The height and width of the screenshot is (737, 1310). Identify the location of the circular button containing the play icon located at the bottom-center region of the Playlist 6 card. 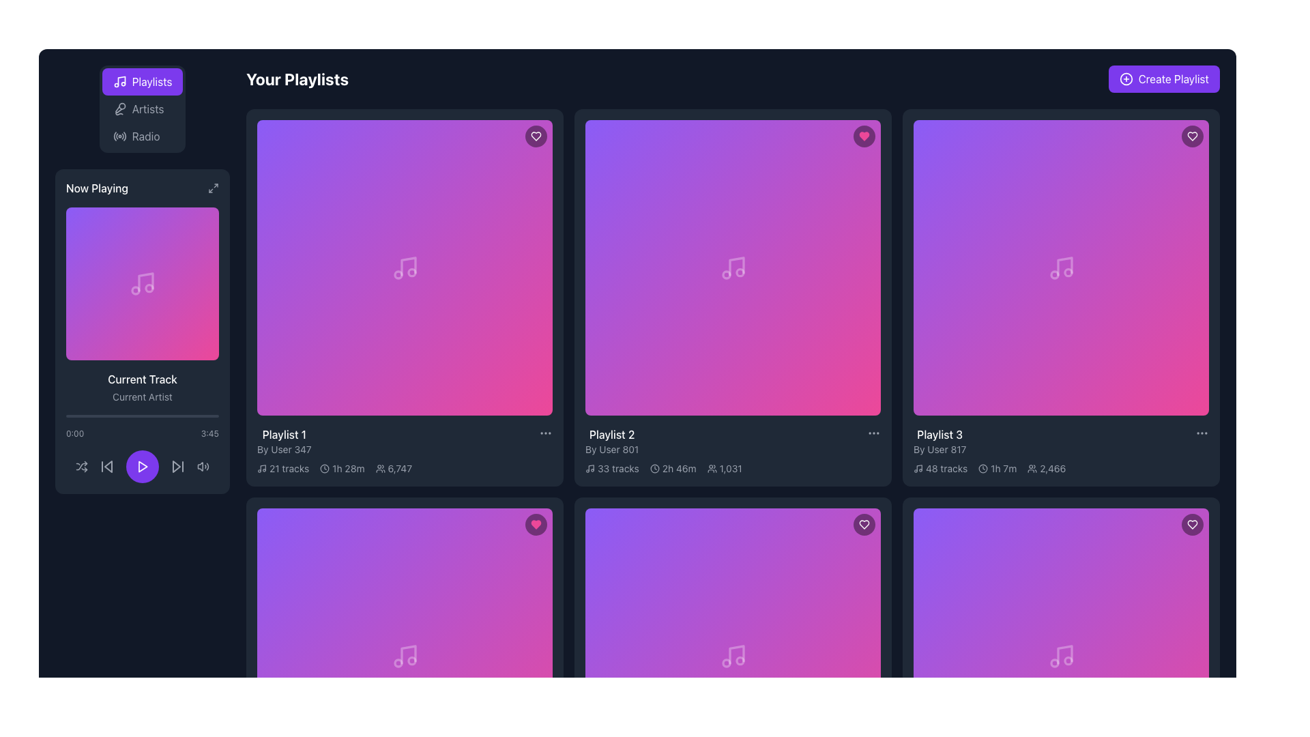
(732, 655).